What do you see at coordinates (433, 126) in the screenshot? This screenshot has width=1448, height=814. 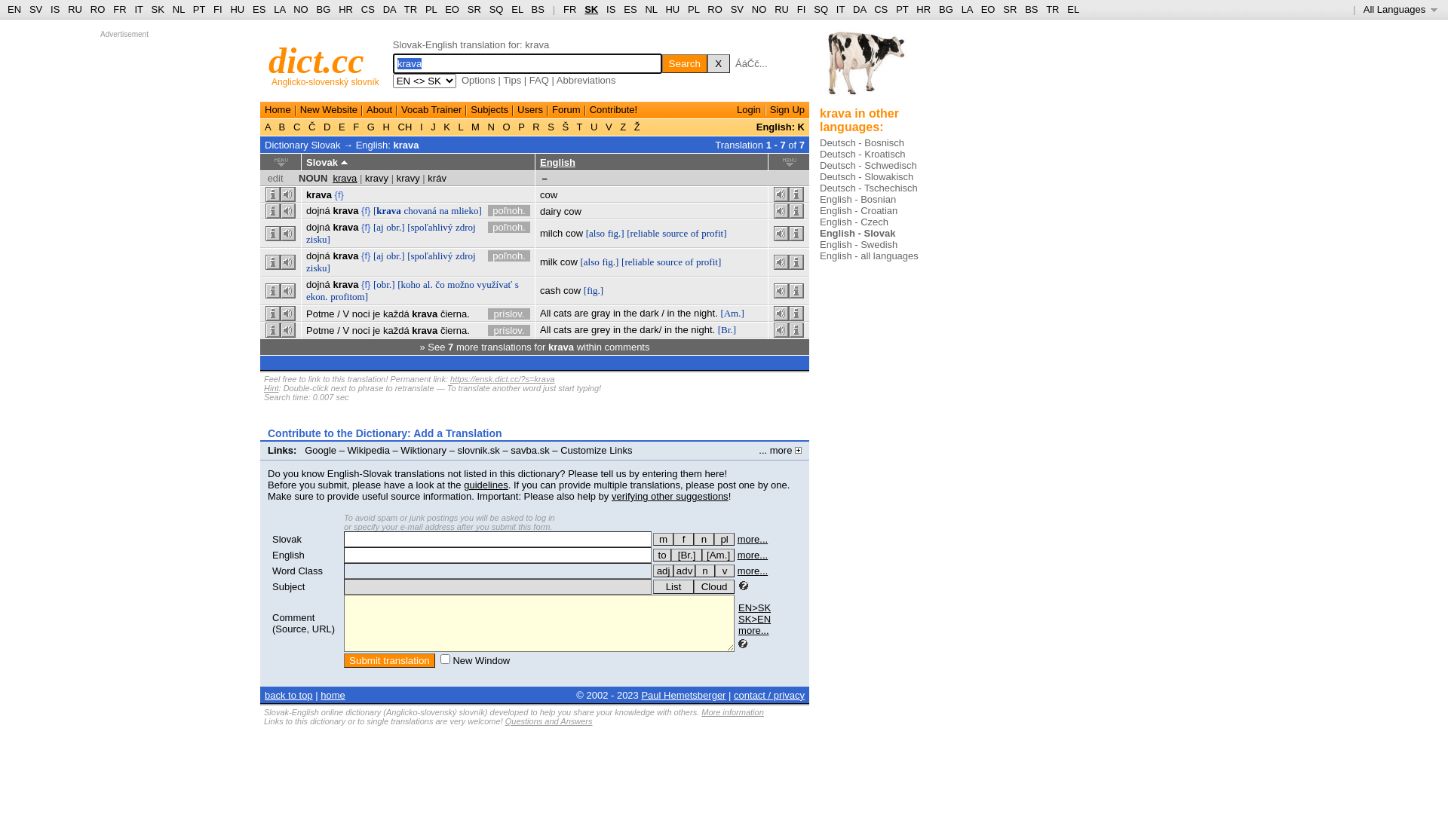 I see `'J'` at bounding box center [433, 126].